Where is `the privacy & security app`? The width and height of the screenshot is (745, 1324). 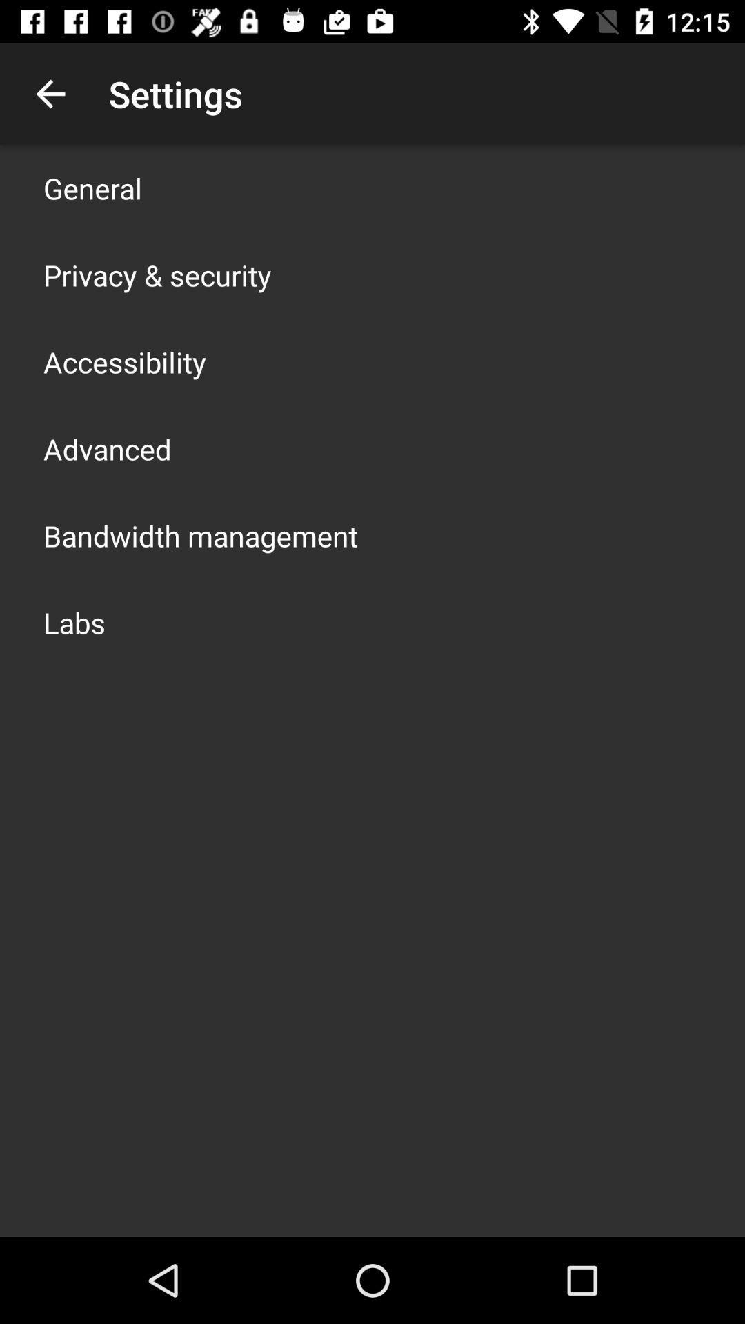 the privacy & security app is located at coordinates (157, 274).